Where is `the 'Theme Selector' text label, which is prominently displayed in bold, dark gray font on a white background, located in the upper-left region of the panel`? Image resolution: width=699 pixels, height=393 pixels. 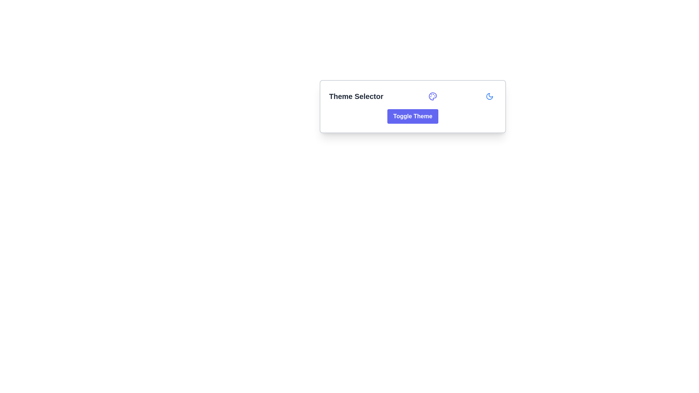 the 'Theme Selector' text label, which is prominently displayed in bold, dark gray font on a white background, located in the upper-left region of the panel is located at coordinates (356, 96).